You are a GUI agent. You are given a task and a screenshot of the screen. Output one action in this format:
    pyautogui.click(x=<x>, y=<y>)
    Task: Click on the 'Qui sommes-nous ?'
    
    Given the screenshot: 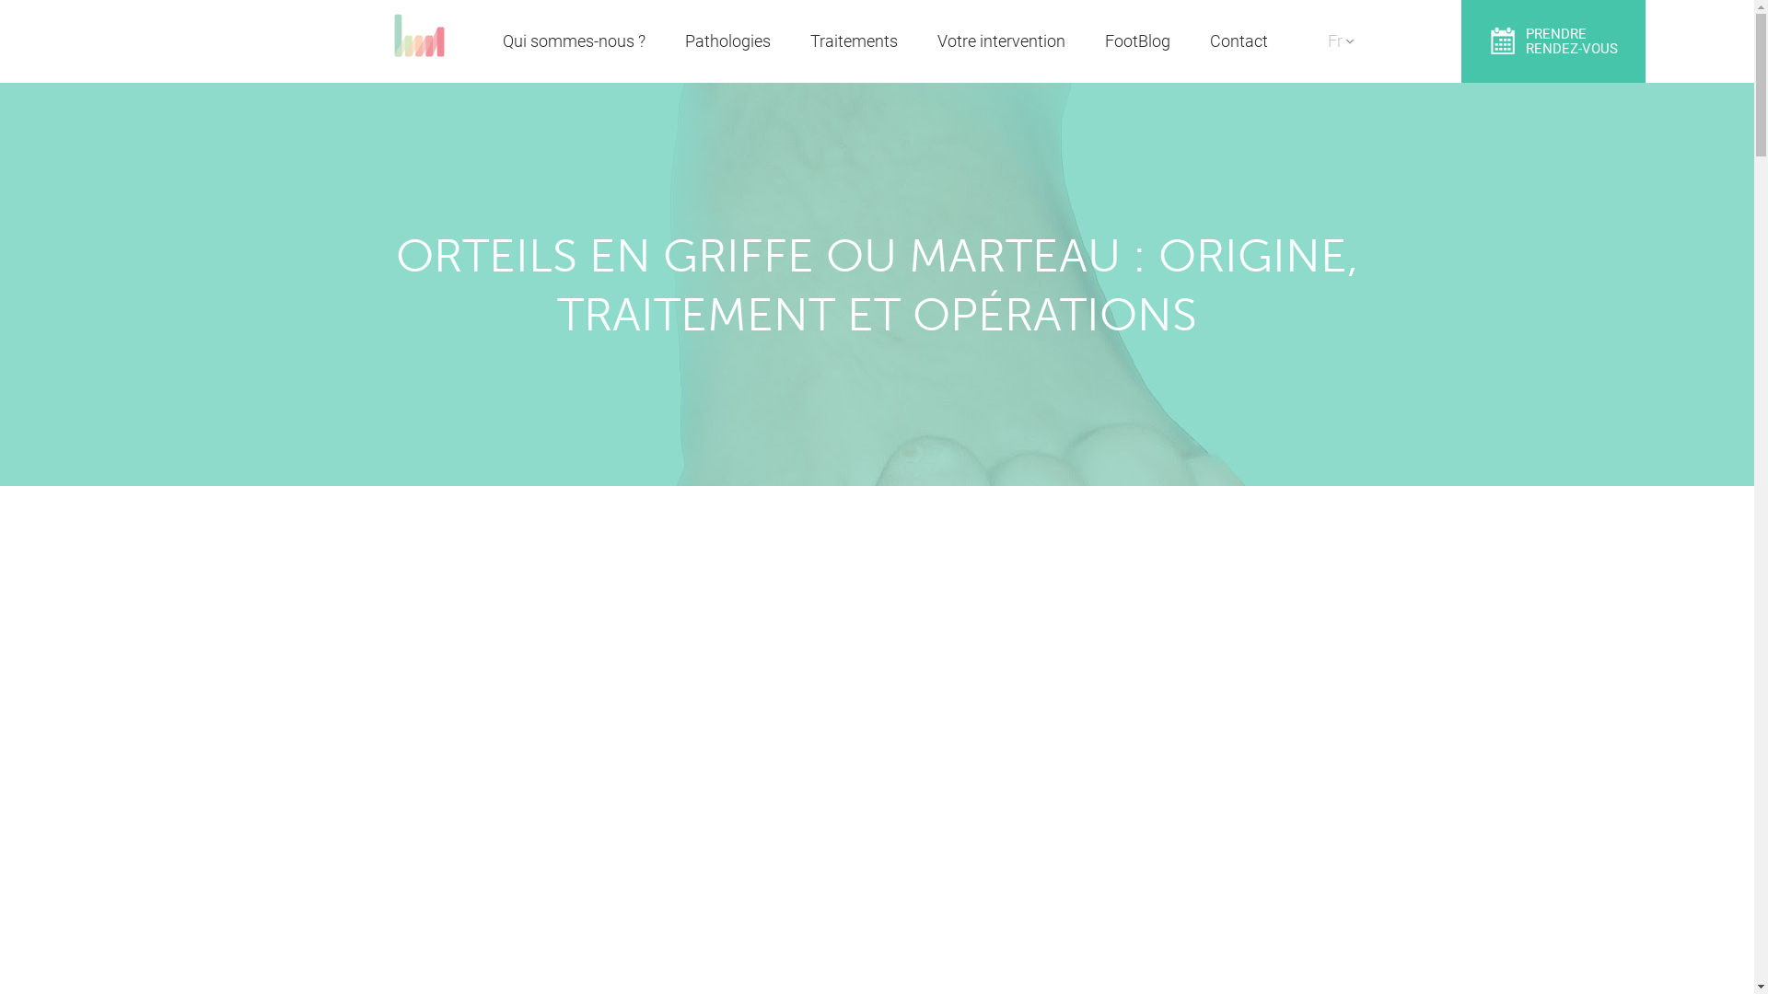 What is the action you would take?
    pyautogui.click(x=573, y=41)
    